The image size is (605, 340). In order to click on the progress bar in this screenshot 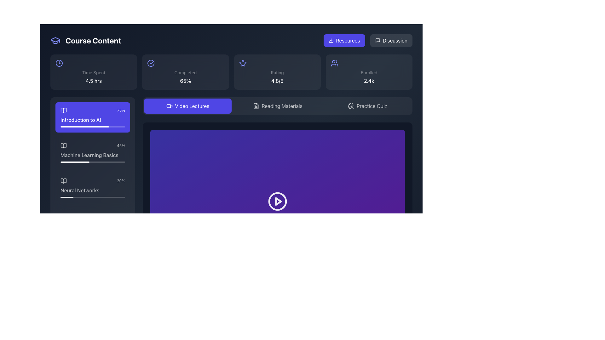, I will do `click(113, 127)`.